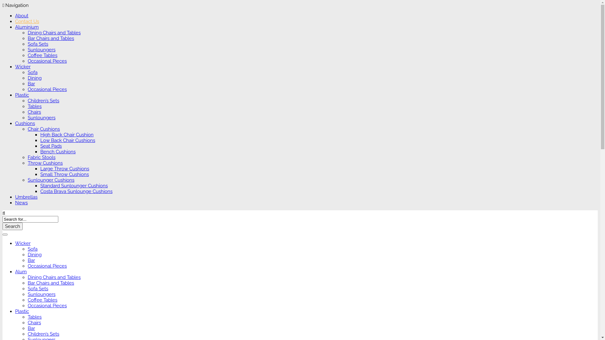  I want to click on 'Wicker', so click(23, 67).